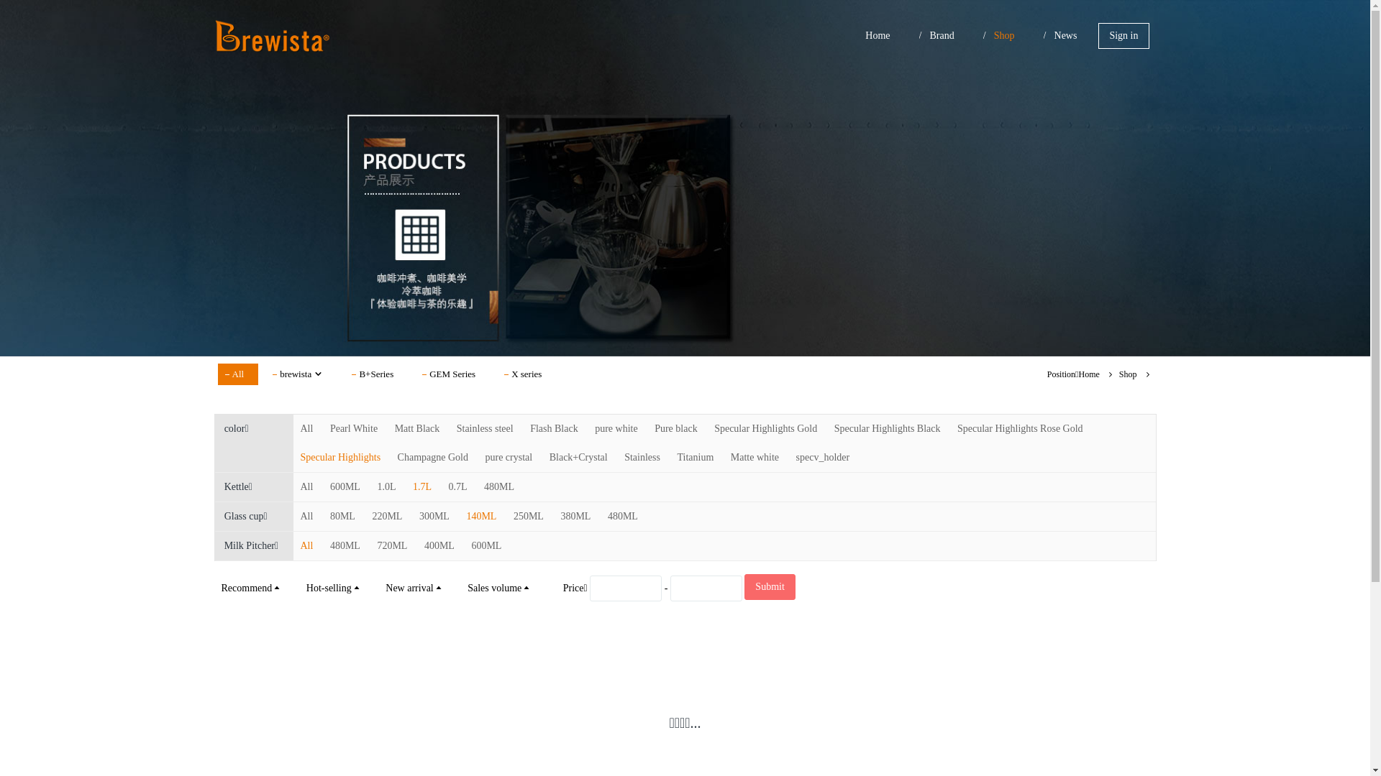 The height and width of the screenshot is (776, 1381). Describe the element at coordinates (451, 373) in the screenshot. I see `'GEM Series'` at that location.